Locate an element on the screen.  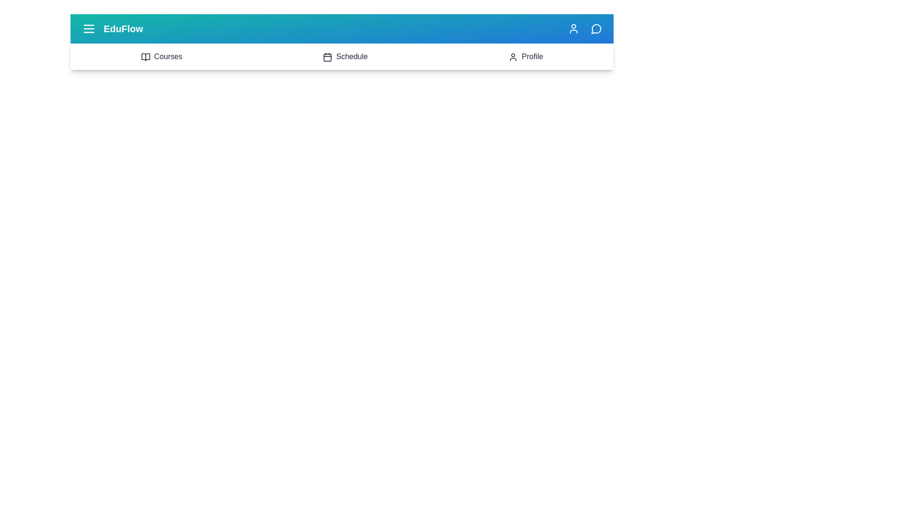
the user icon to access the user profile is located at coordinates (573, 28).